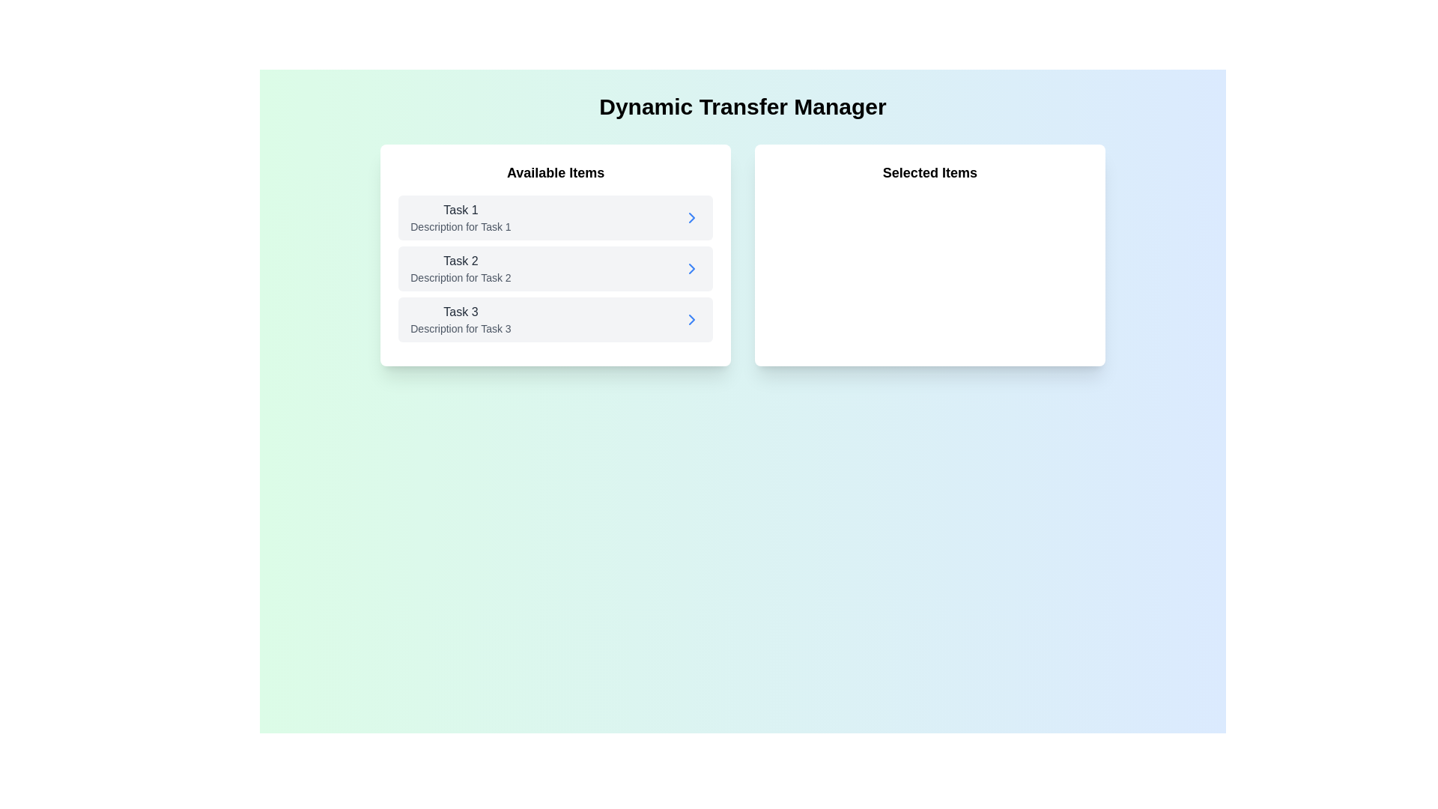 This screenshot has height=809, width=1438. Describe the element at coordinates (691, 319) in the screenshot. I see `the right-facing chevron arrow icon button styled in blue at the far right end of the 'Task 3' list item` at that location.